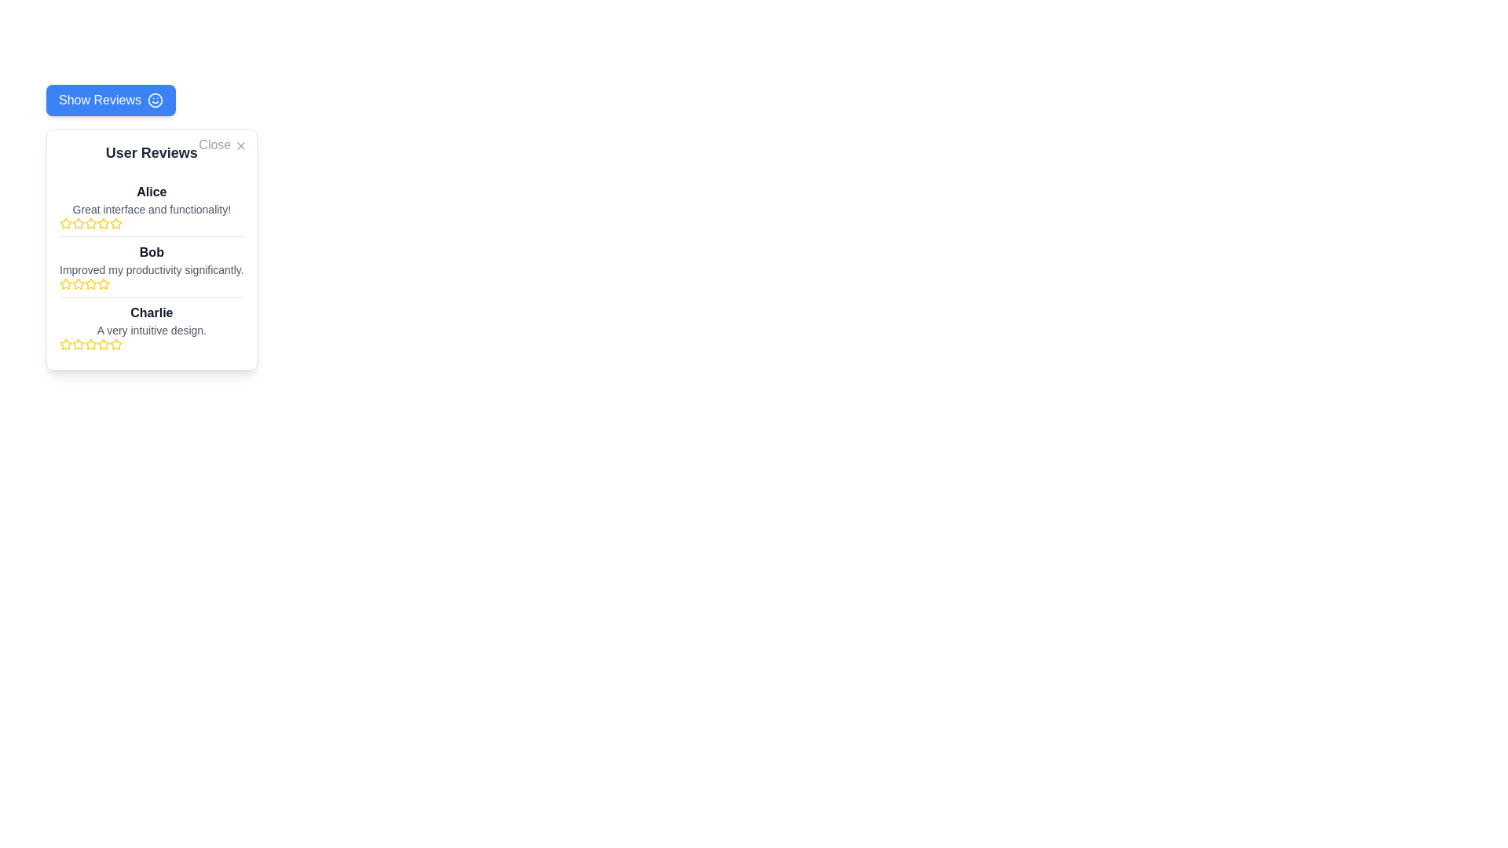 The height and width of the screenshot is (848, 1508). Describe the element at coordinates (103, 283) in the screenshot. I see `the second star in the five-star rating system for the review by 'Bob'` at that location.